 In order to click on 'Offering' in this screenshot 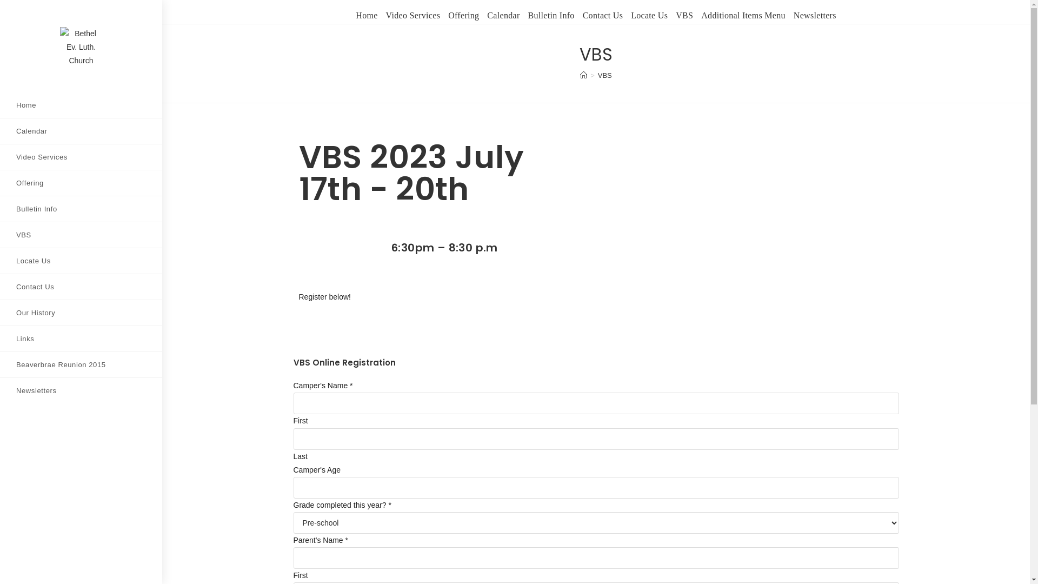, I will do `click(80, 182)`.